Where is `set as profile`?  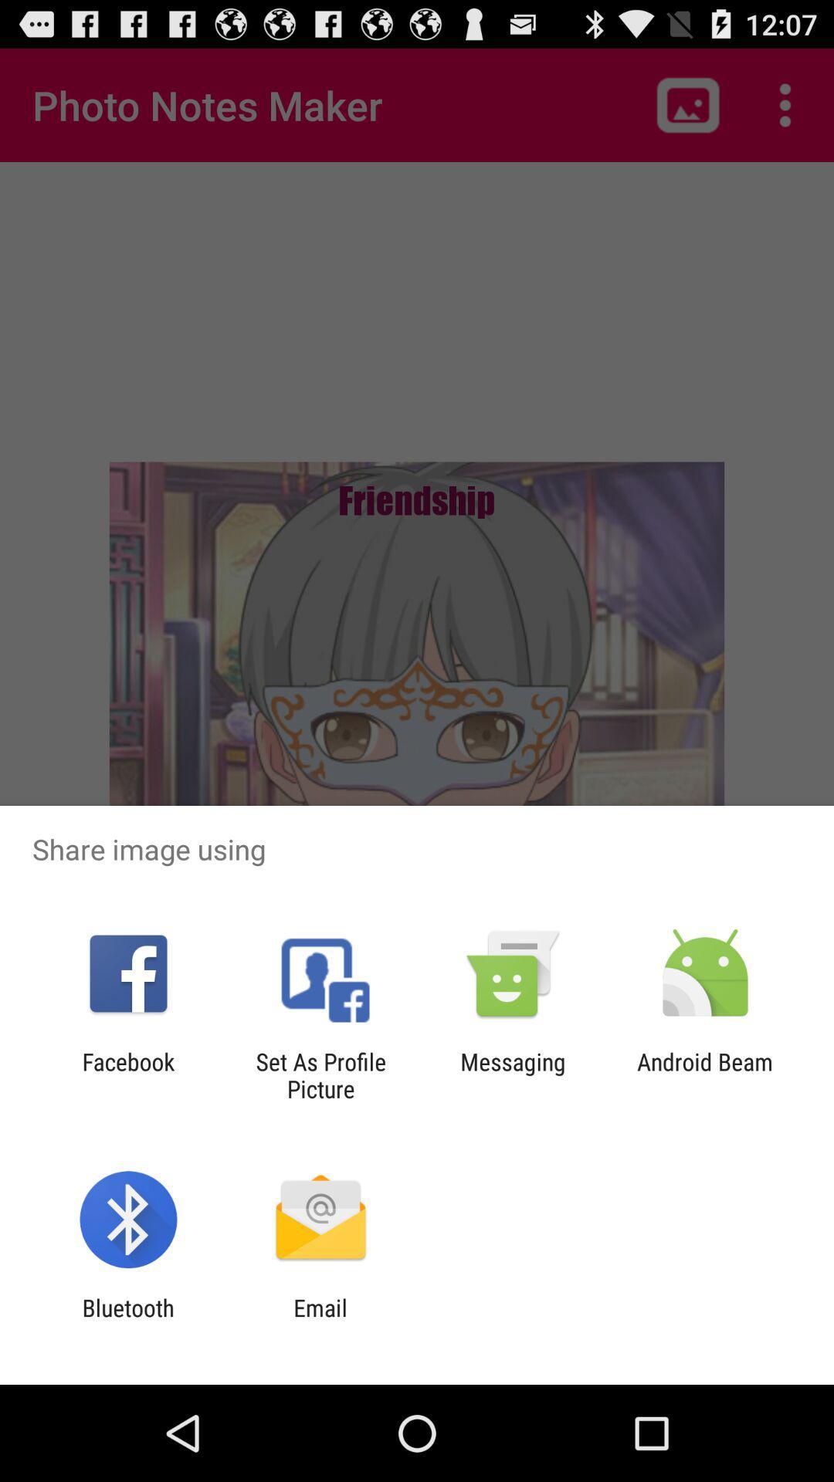
set as profile is located at coordinates (320, 1074).